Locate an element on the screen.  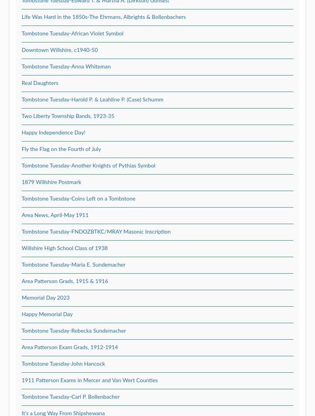
'Tombstone Tuesday-Coins Left on a Tombstone' is located at coordinates (78, 199).